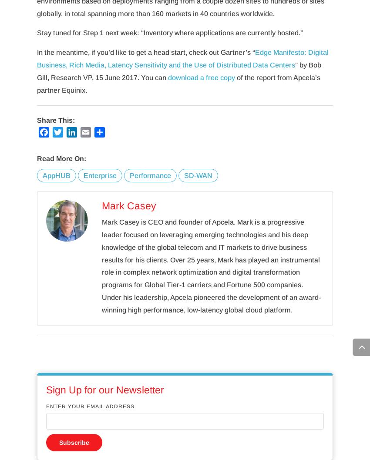 The height and width of the screenshot is (460, 370). Describe the element at coordinates (211, 266) in the screenshot. I see `'Mark Casey is CEO and founder of Apcela.  Mark is a progressive leader focused on leveraging emerging technologies and his deep knowledge of the global telecom and IT markets to drive business results for his clients. Over 25 years, Mark has played an instrumental role in complex network optimization and digital transformation programs for Global Tier-1 carriers and Fortune 500 companies. Under his leadership, Apcela pioneered the development of an award-winning high performance, low-latency global cloud platform.'` at that location.